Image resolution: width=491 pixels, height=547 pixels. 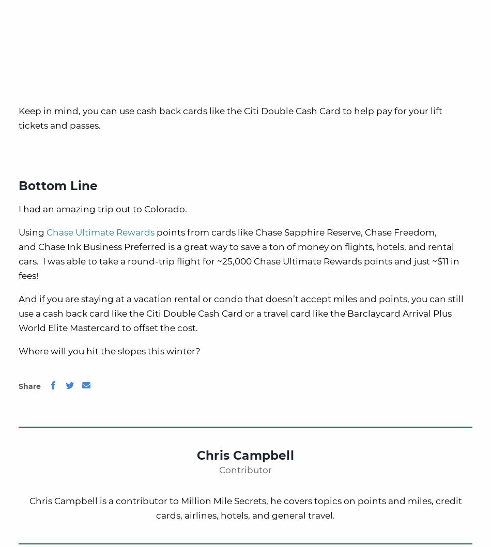 I want to click on 'Share', so click(x=29, y=385).